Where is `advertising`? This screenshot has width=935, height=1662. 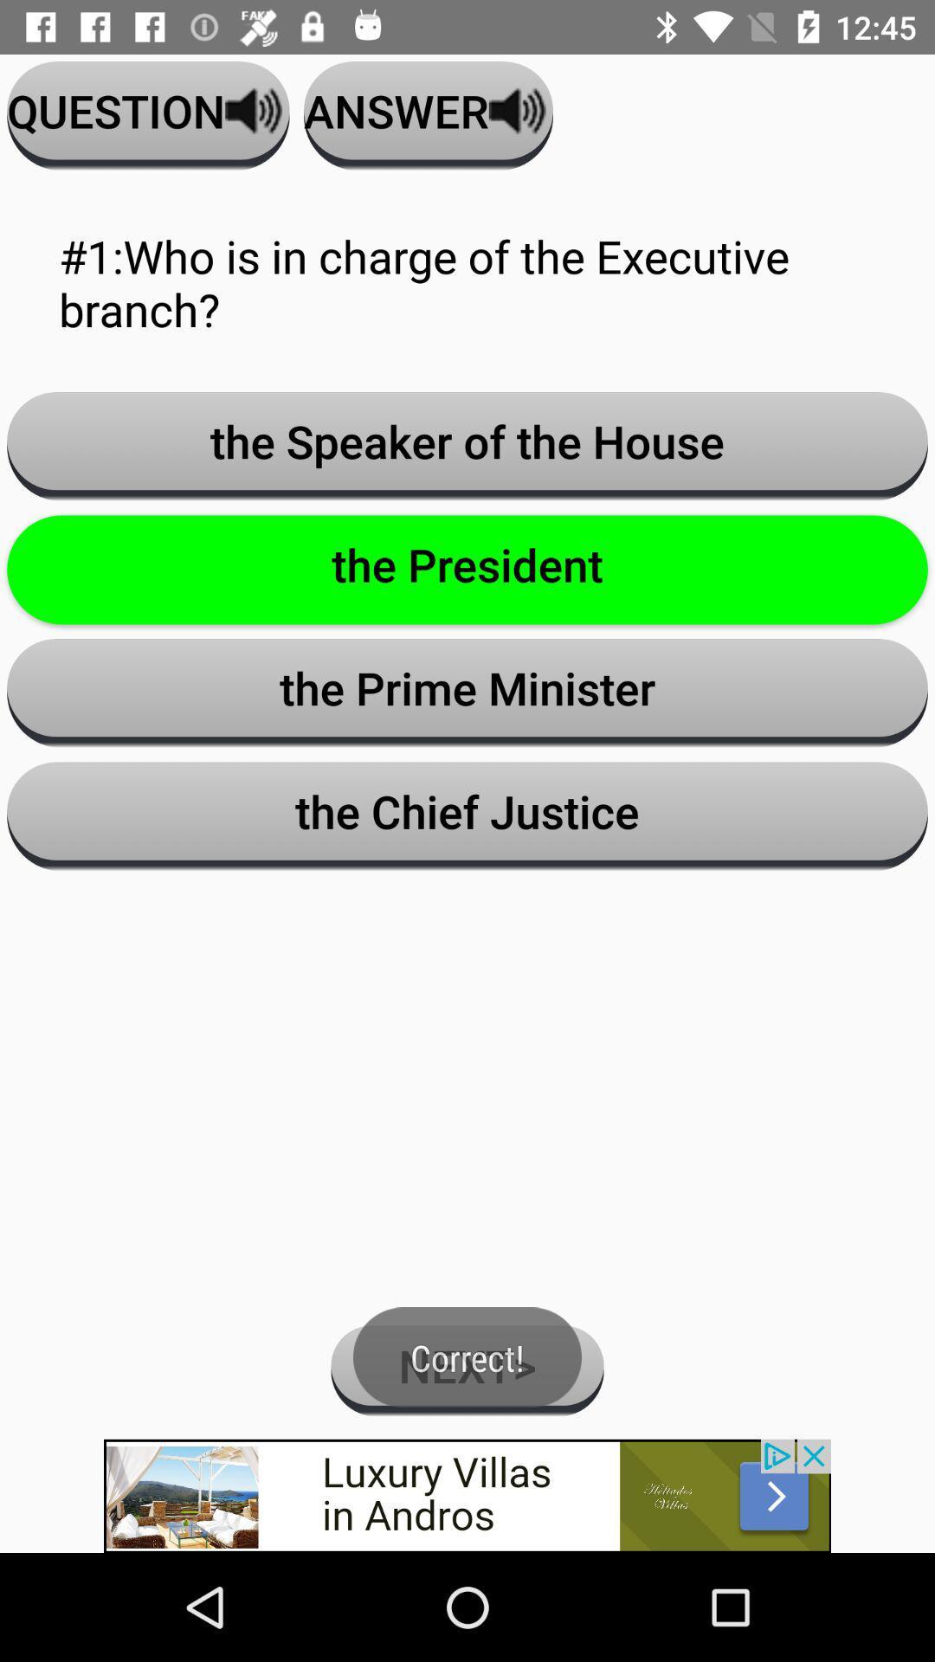
advertising is located at coordinates (467, 1495).